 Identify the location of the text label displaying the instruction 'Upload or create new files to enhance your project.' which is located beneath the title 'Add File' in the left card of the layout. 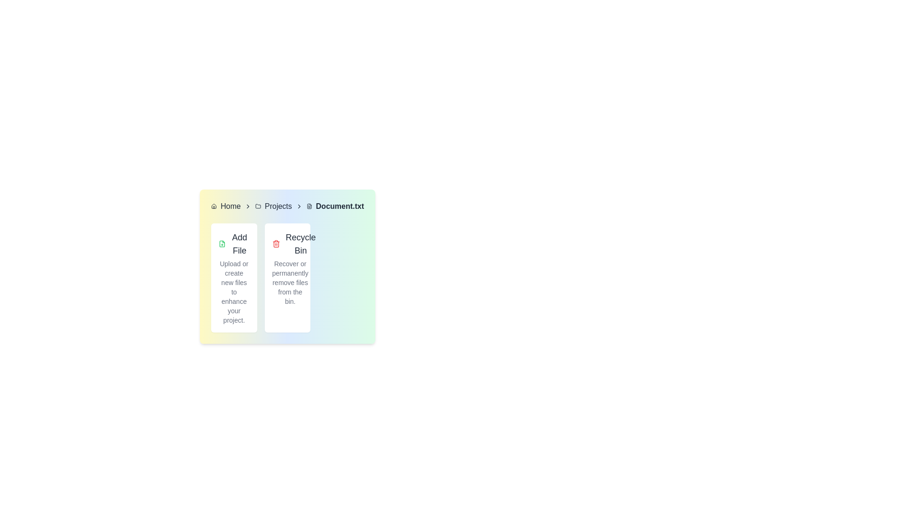
(234, 292).